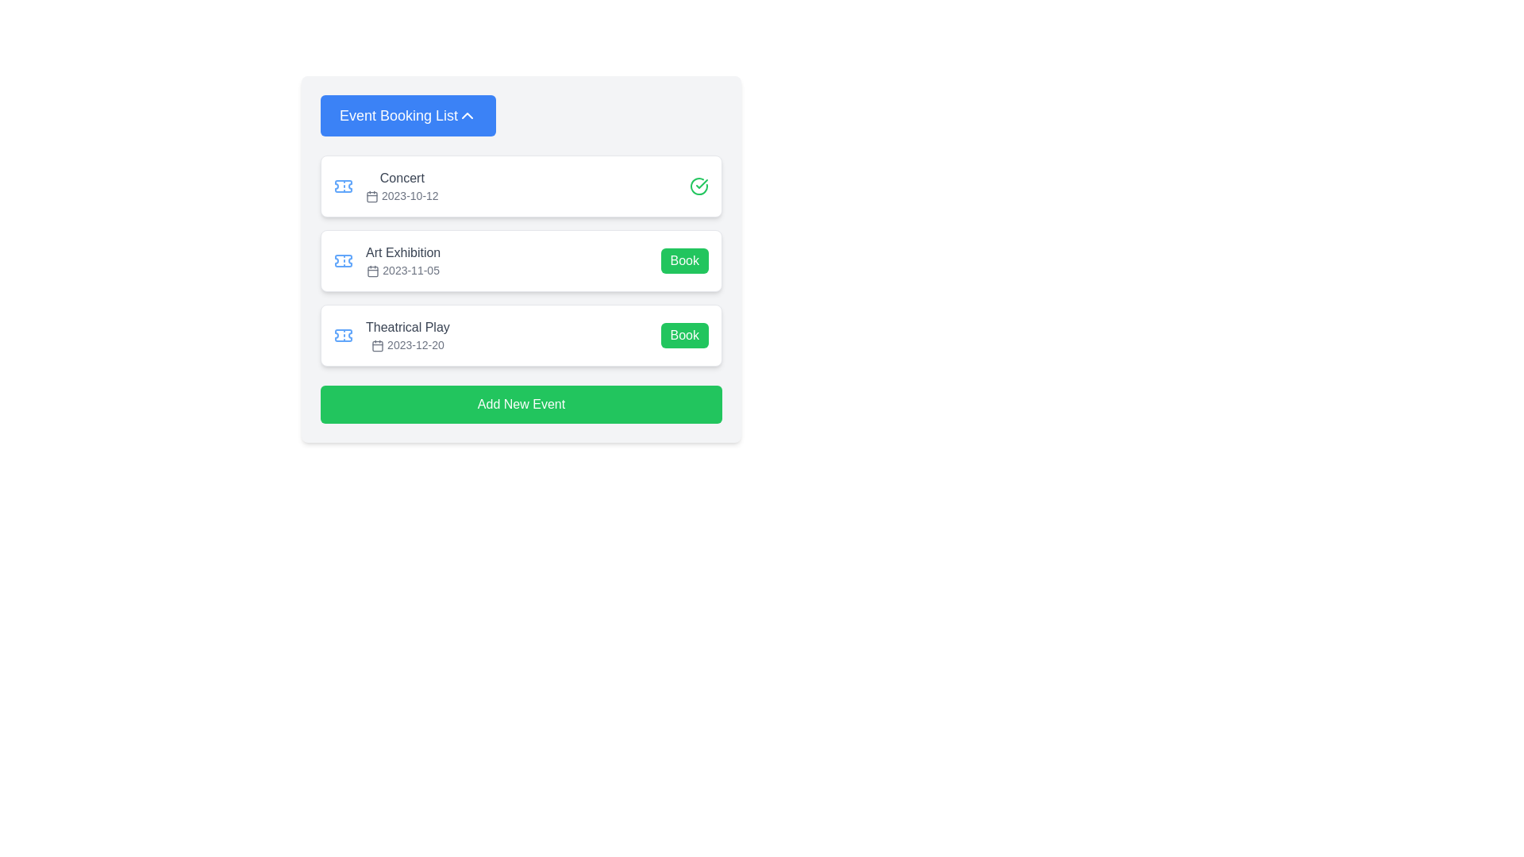 The image size is (1524, 857). What do you see at coordinates (402, 186) in the screenshot?
I see `the first list item entry titled 'Concert'` at bounding box center [402, 186].